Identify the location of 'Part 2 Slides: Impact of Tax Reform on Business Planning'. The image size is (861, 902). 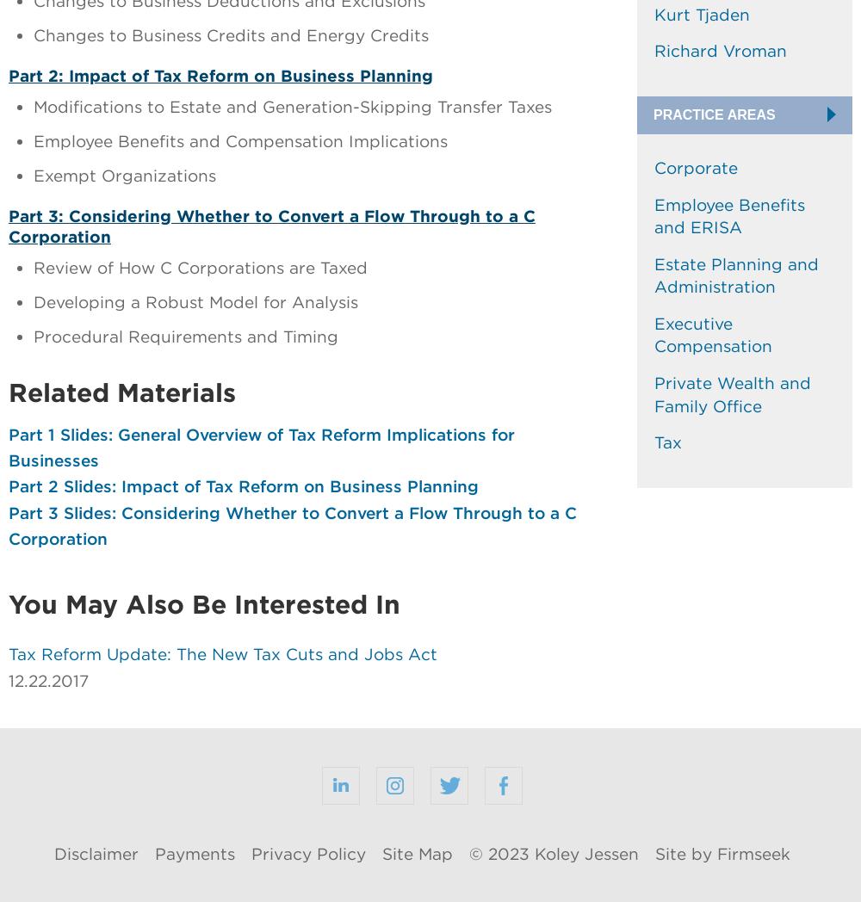
(244, 485).